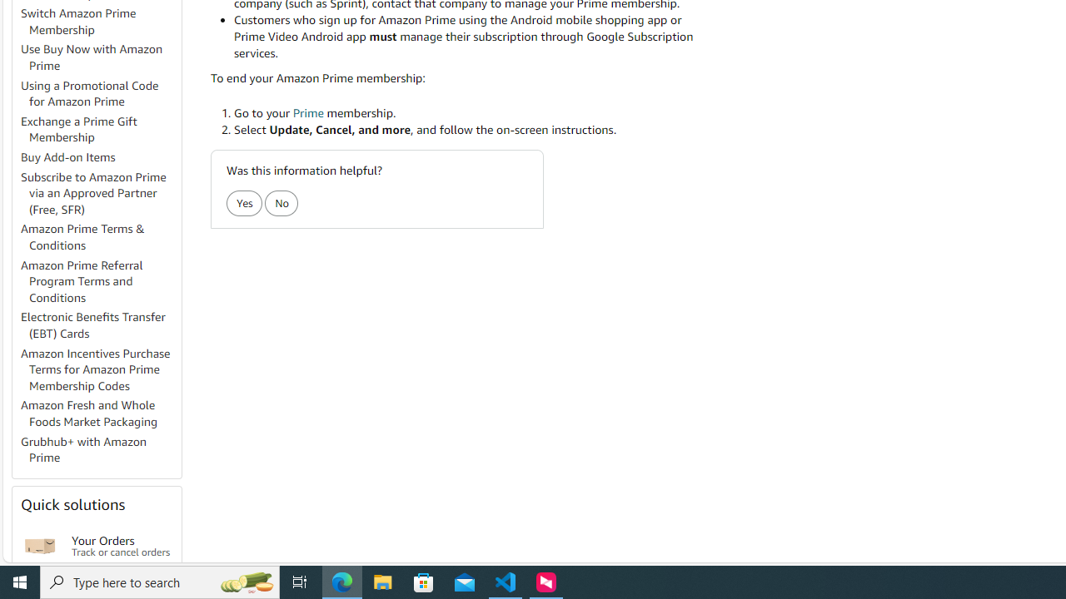  I want to click on 'Yes', so click(243, 202).